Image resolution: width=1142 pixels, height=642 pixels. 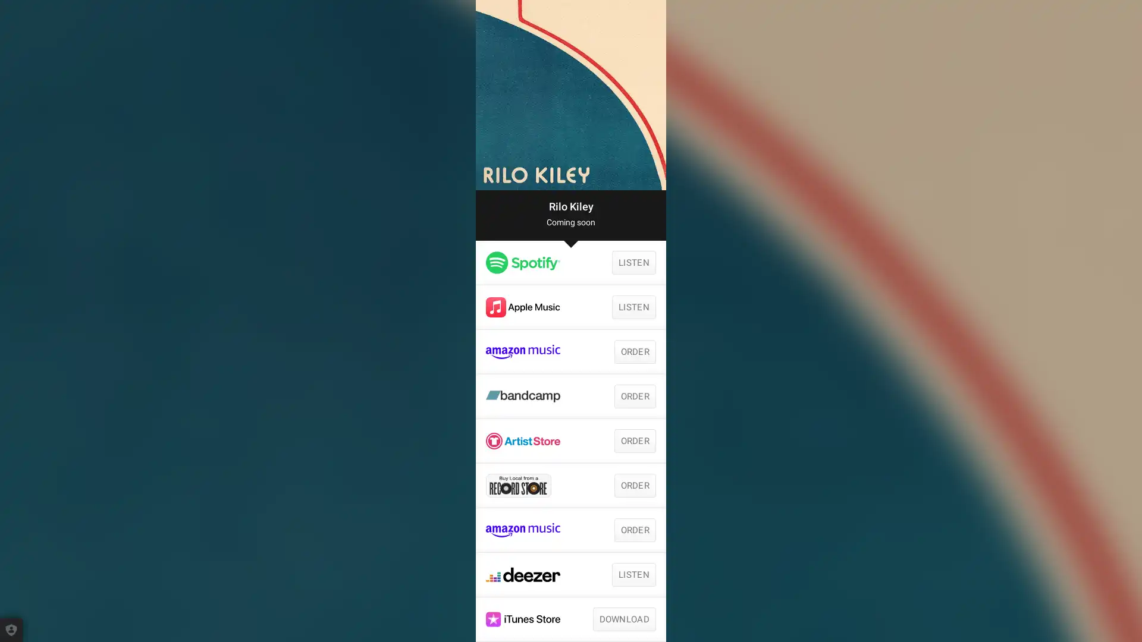 What do you see at coordinates (633, 574) in the screenshot?
I see `LISTEN` at bounding box center [633, 574].